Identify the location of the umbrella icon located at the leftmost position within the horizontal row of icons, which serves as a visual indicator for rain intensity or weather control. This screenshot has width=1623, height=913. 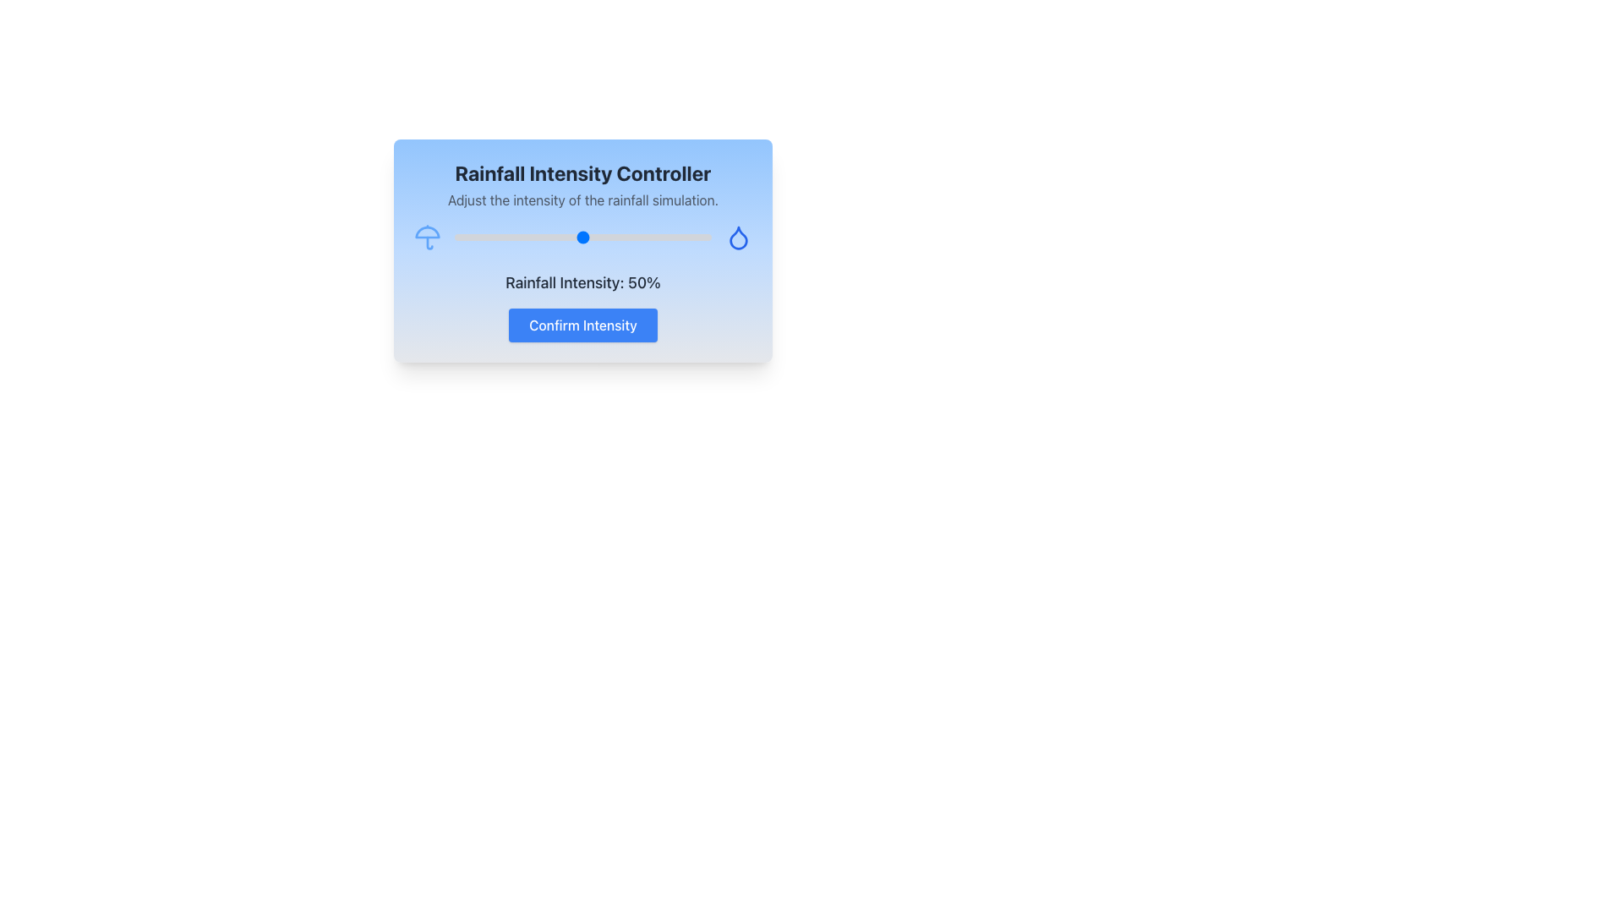
(427, 238).